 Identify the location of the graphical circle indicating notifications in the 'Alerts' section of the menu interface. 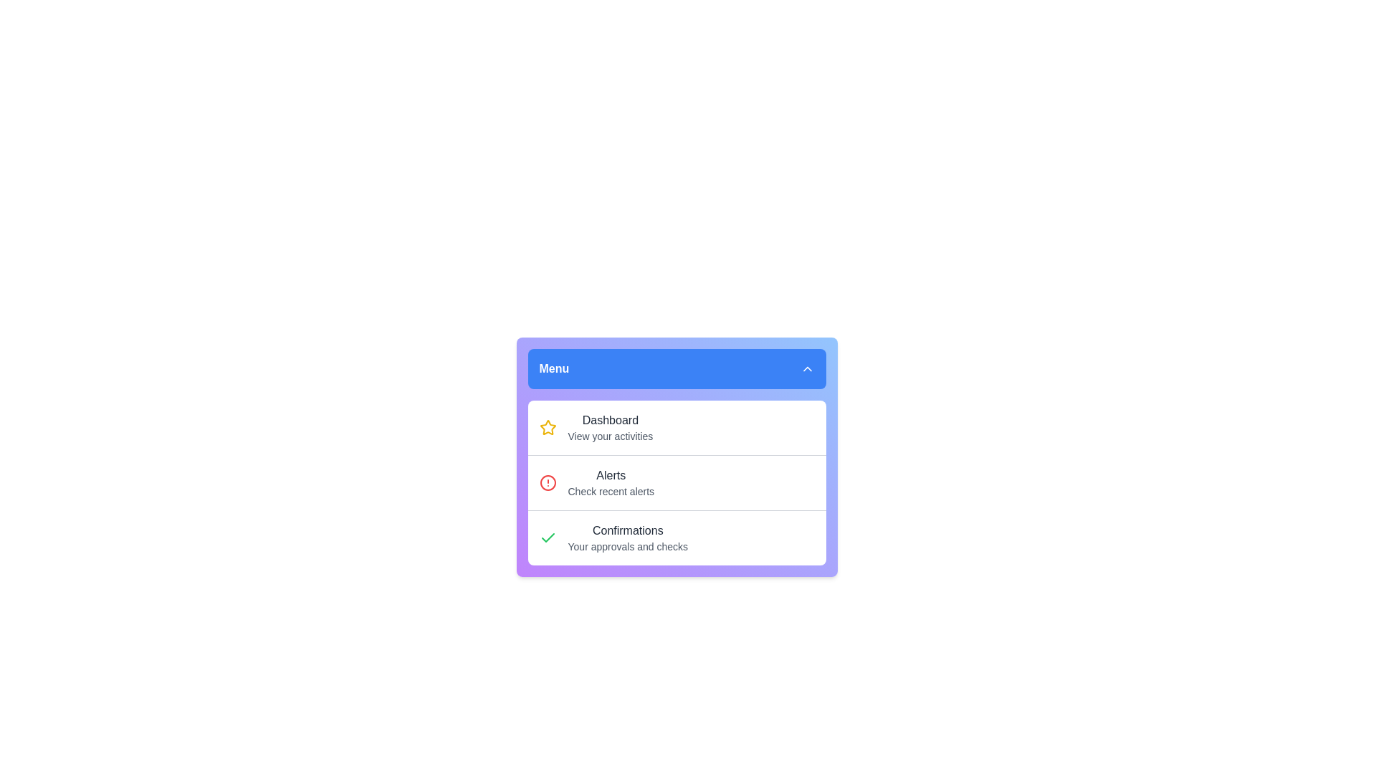
(547, 483).